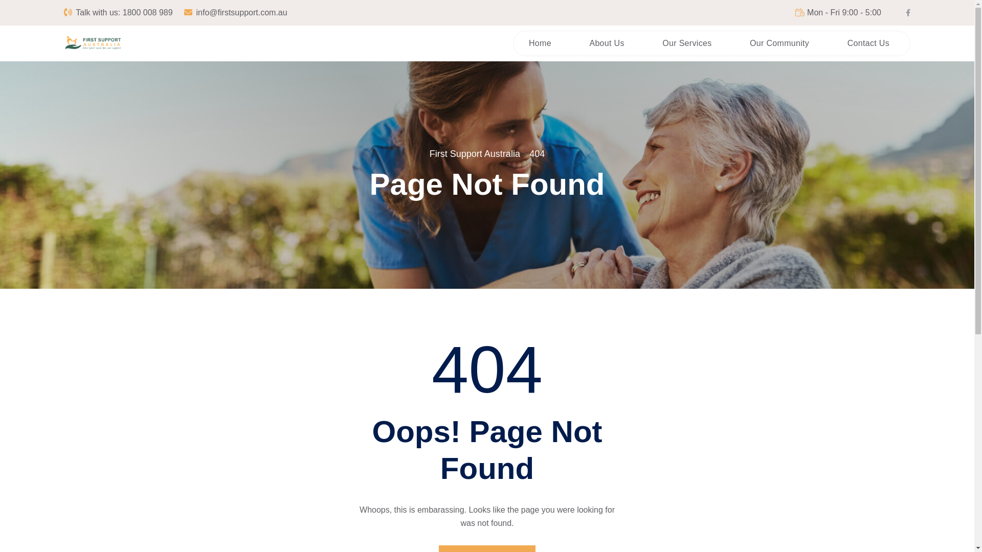 This screenshot has width=982, height=552. What do you see at coordinates (474, 153) in the screenshot?
I see `'First Support Australia'` at bounding box center [474, 153].